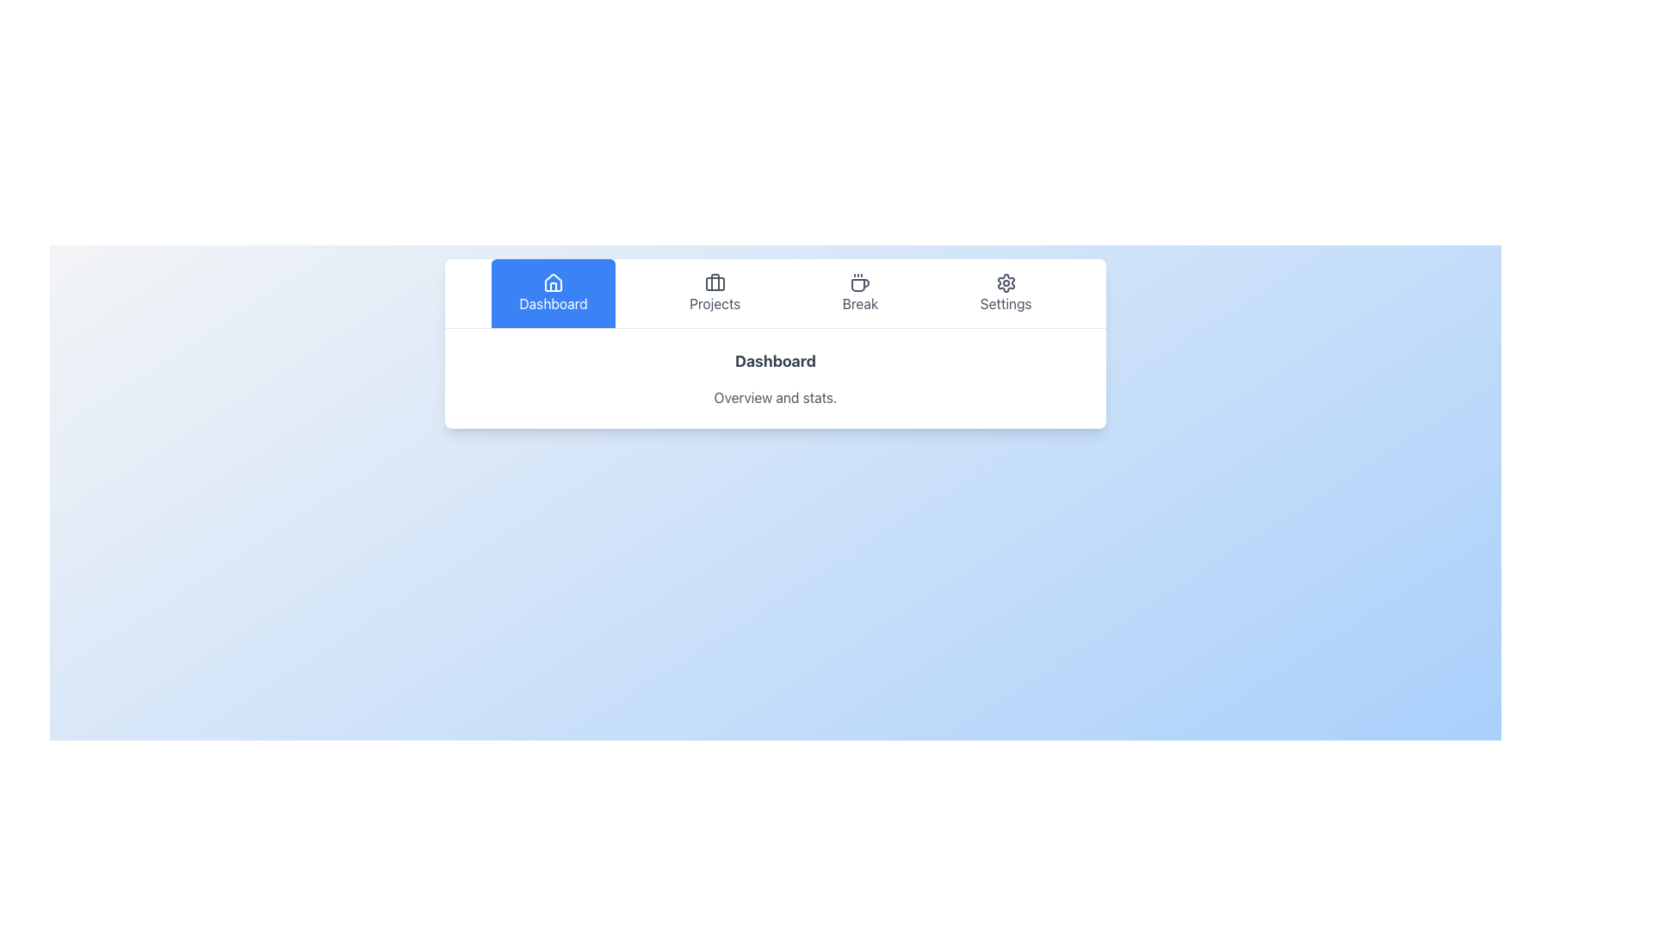 The width and height of the screenshot is (1653, 930). What do you see at coordinates (554, 303) in the screenshot?
I see `the 'Dashboard' label in the navigation menu, which is positioned at the top left of the navigation bar directly below the house icon` at bounding box center [554, 303].